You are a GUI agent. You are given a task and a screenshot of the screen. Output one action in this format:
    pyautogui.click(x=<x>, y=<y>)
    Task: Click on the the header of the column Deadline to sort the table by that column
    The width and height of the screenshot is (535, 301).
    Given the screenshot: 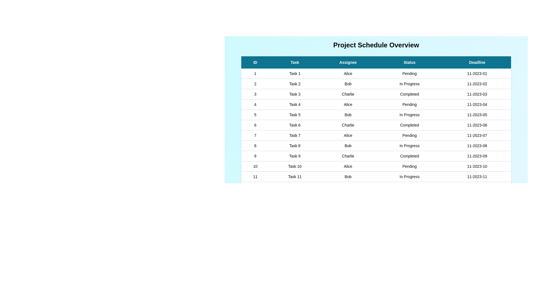 What is the action you would take?
    pyautogui.click(x=477, y=62)
    